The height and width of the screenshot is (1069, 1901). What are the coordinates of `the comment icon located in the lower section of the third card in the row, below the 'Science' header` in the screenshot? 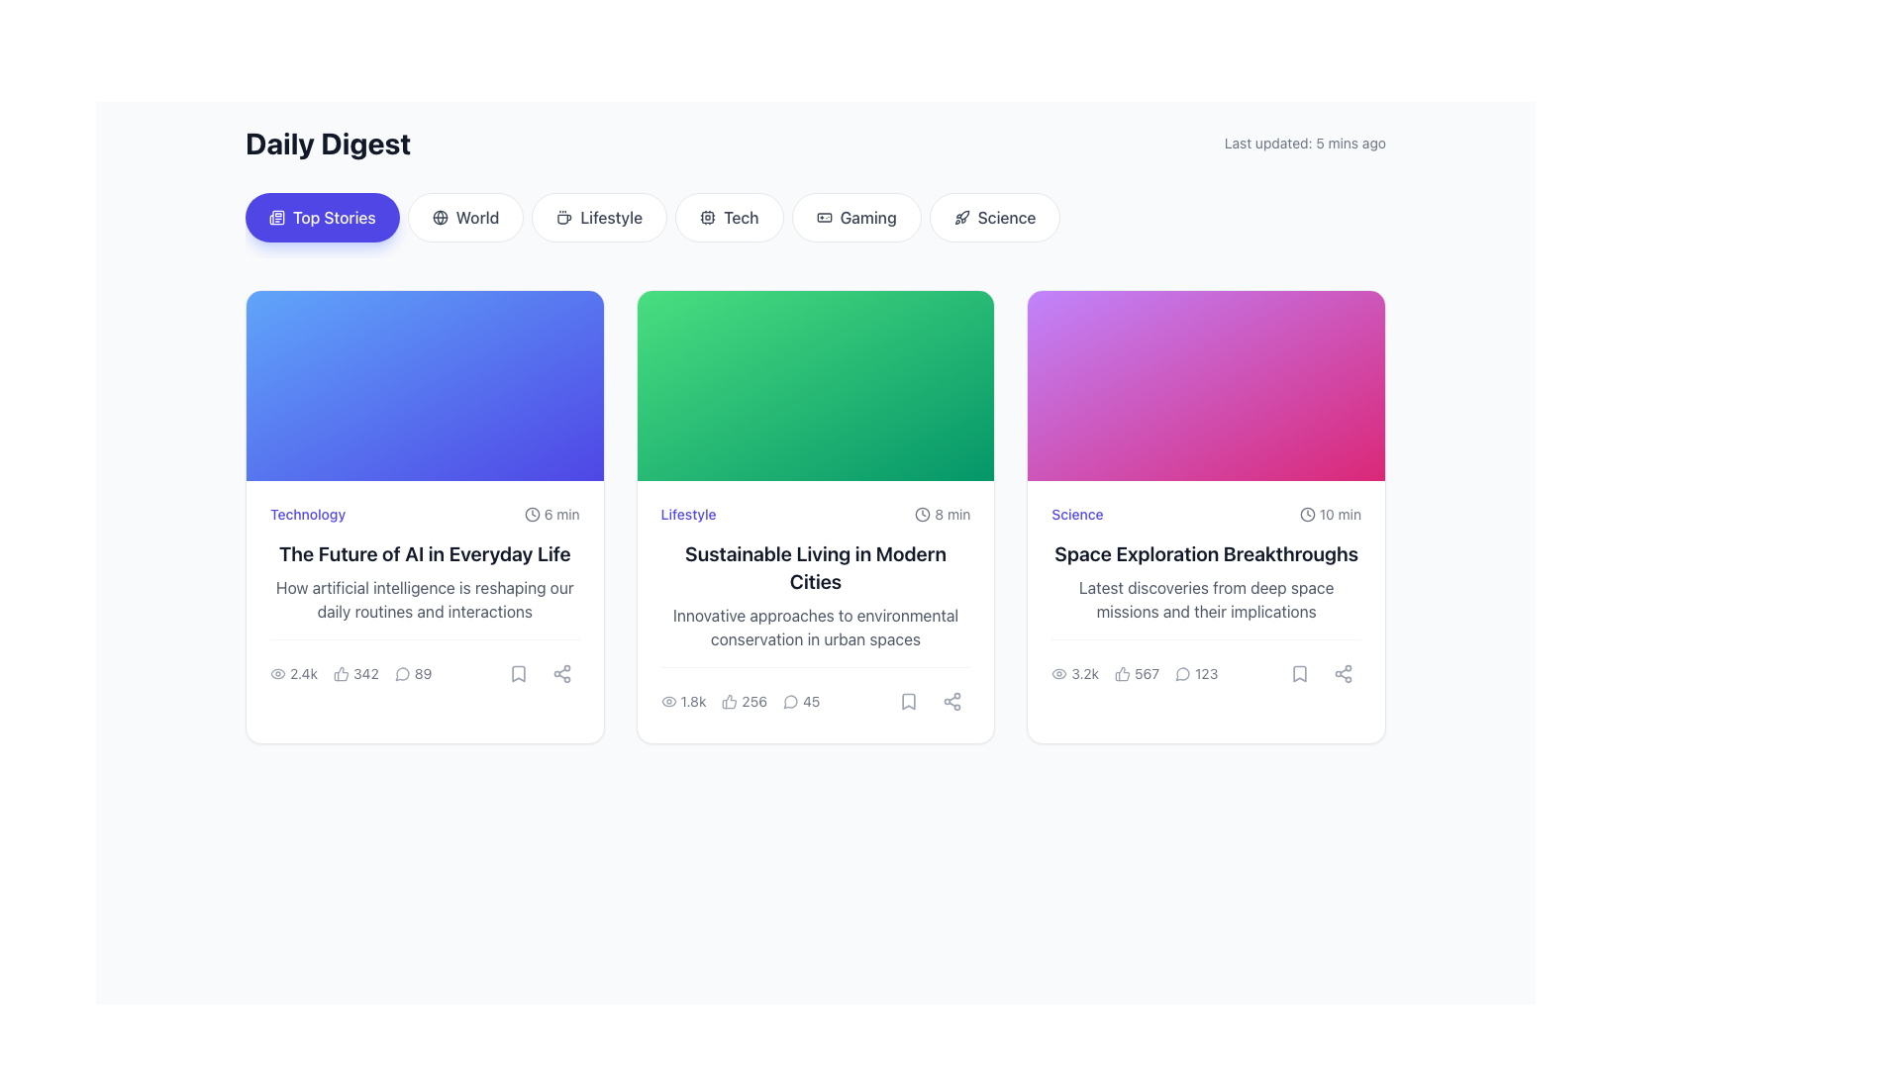 It's located at (1195, 673).